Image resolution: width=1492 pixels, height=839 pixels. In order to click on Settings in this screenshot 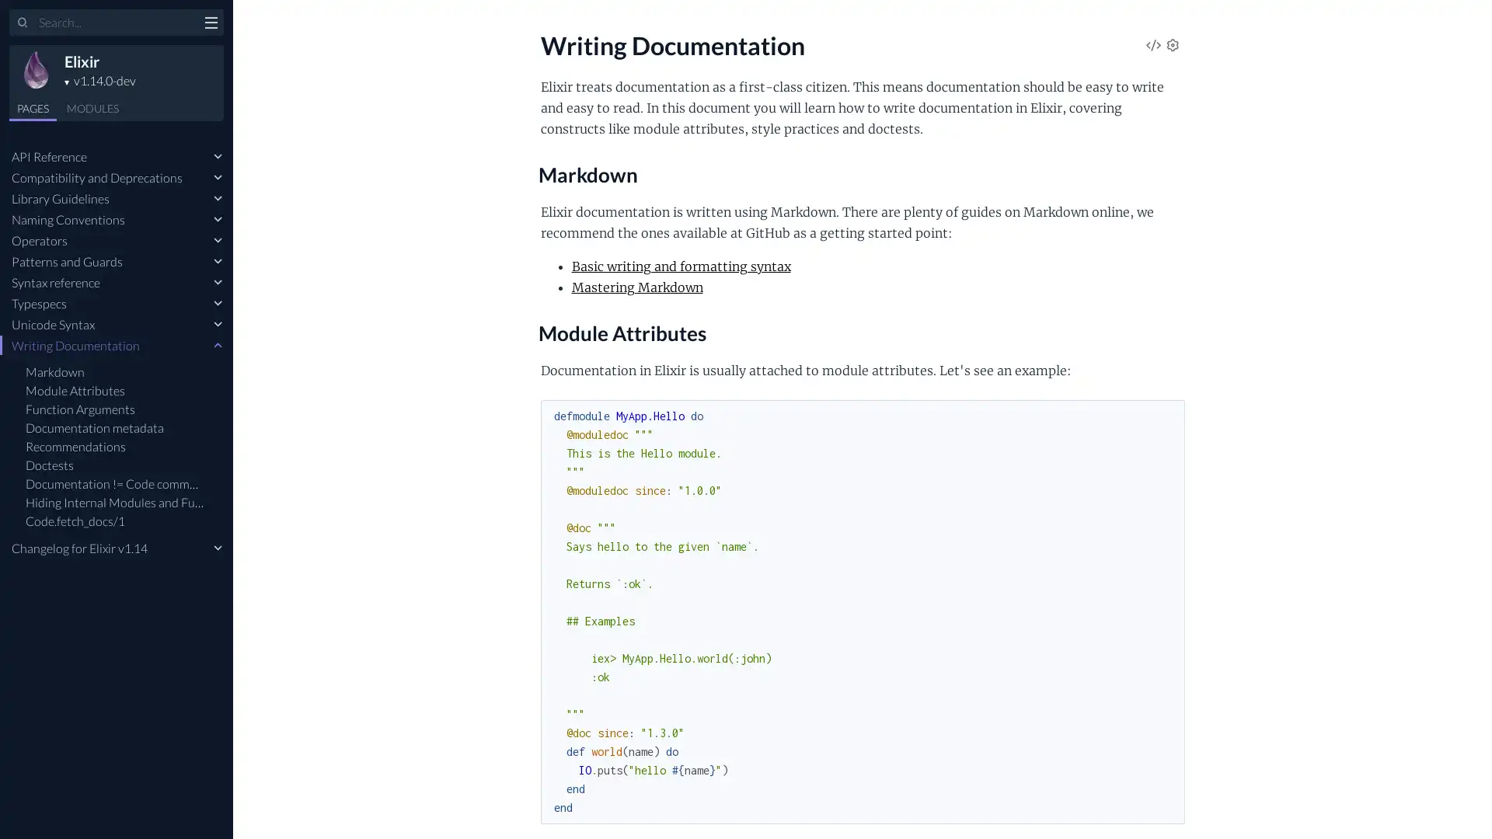, I will do `click(1172, 46)`.